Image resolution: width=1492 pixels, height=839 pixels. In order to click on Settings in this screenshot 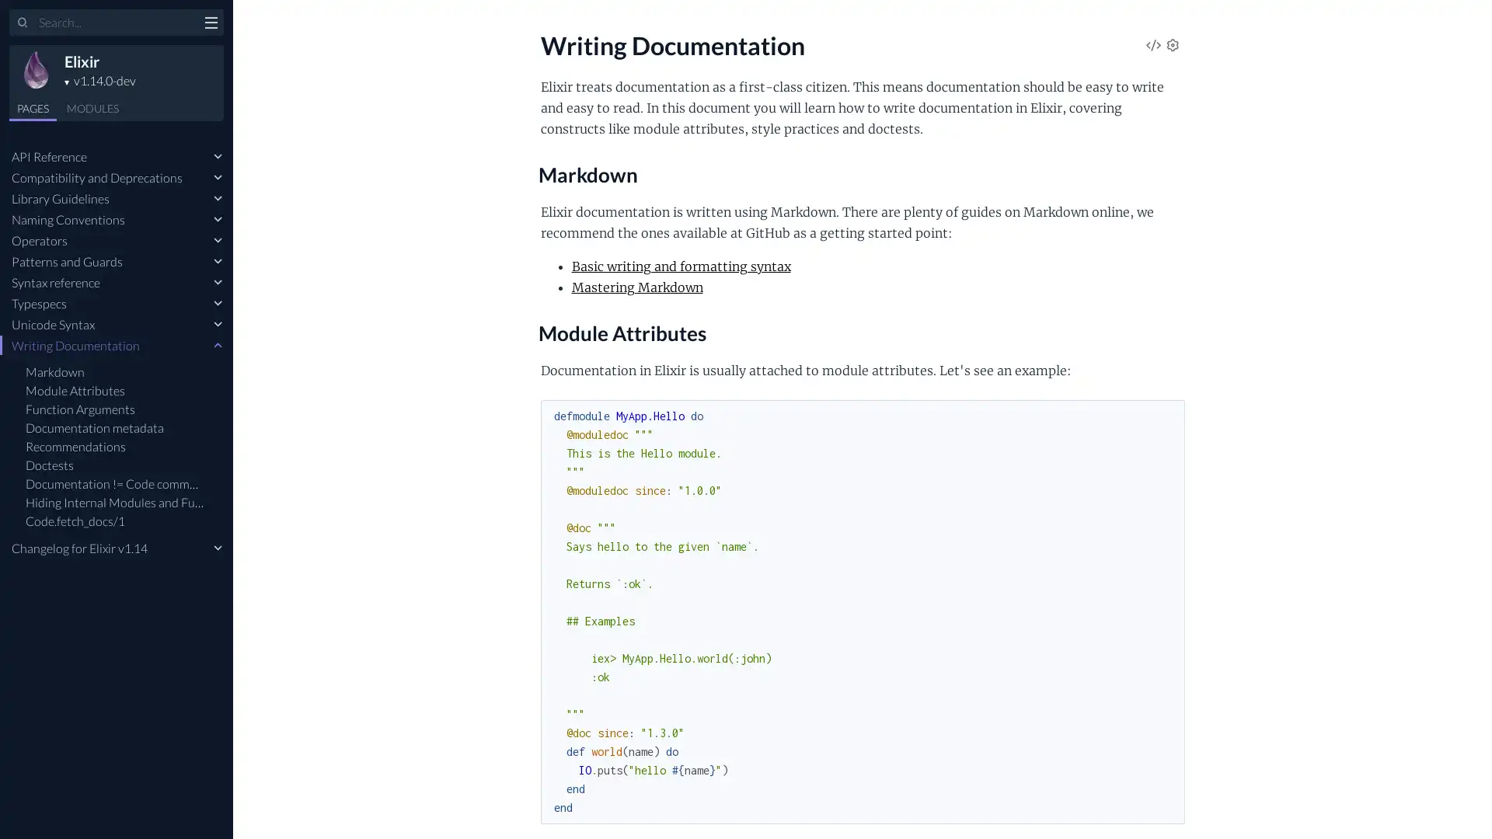, I will do `click(1172, 46)`.